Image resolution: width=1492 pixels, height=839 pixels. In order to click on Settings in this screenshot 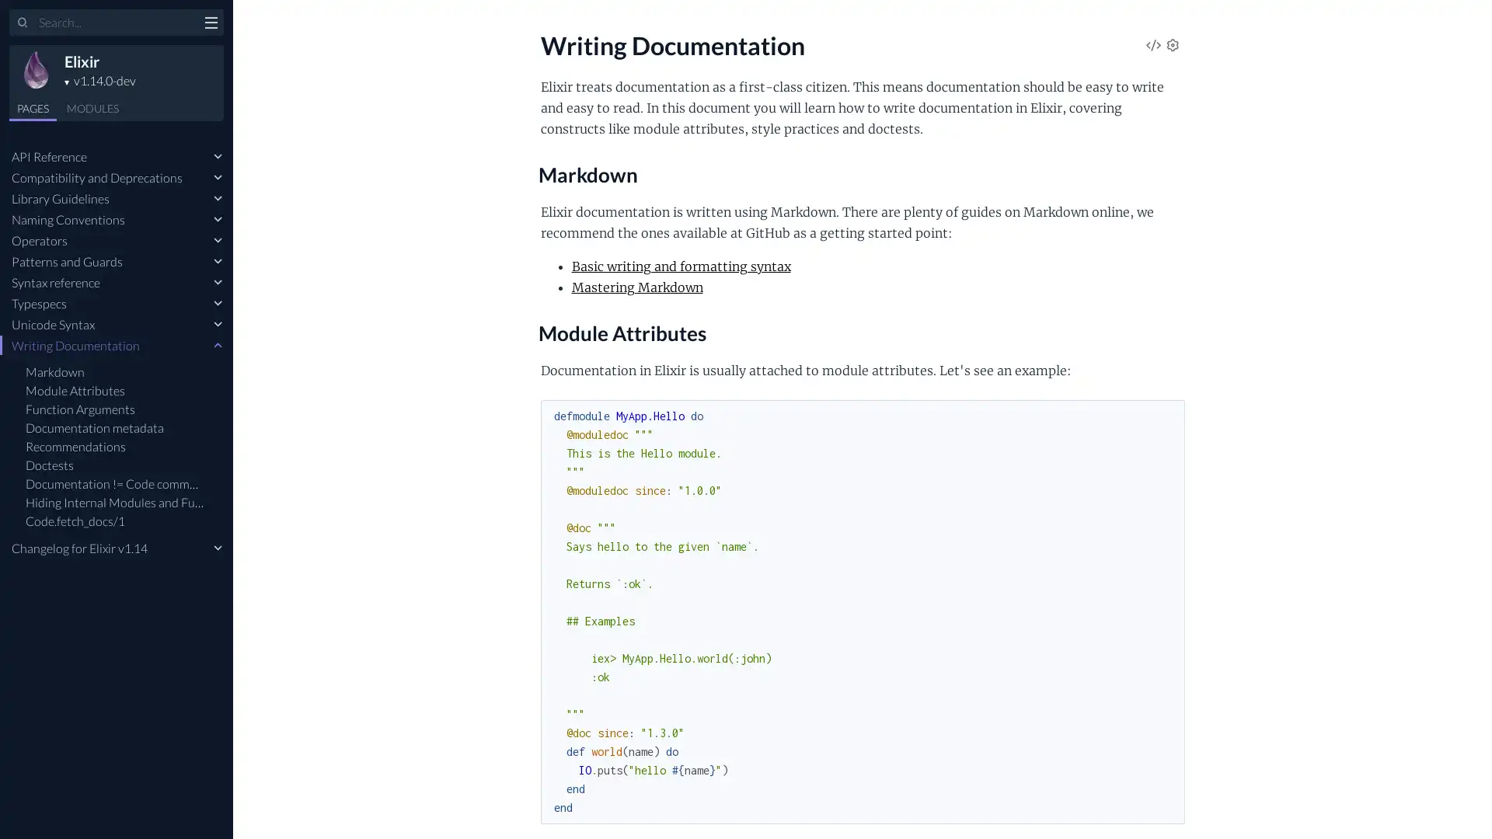, I will do `click(1172, 46)`.